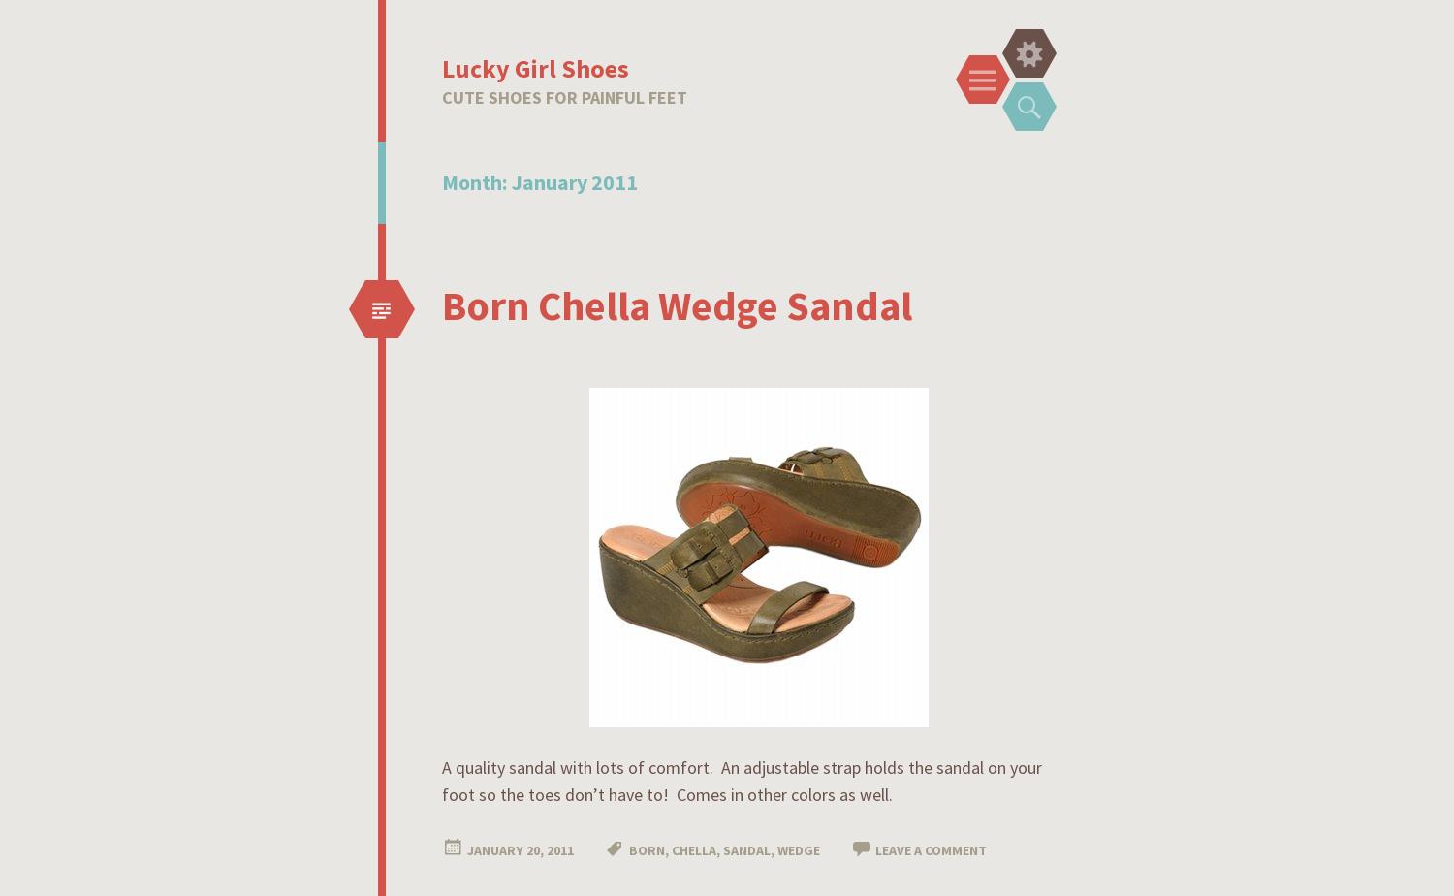 The image size is (1454, 896). Describe the element at coordinates (875, 849) in the screenshot. I see `'Leave a comment'` at that location.